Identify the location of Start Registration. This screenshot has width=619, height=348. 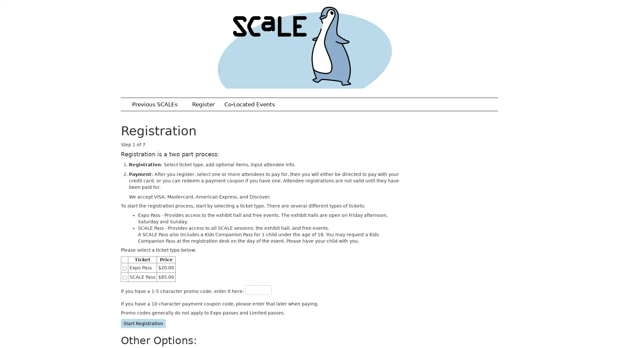
(143, 323).